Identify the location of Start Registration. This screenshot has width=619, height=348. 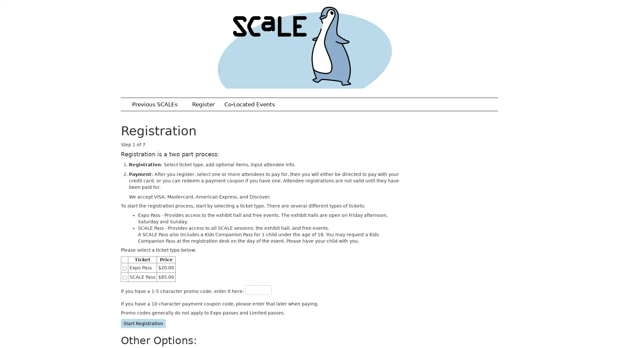
(143, 323).